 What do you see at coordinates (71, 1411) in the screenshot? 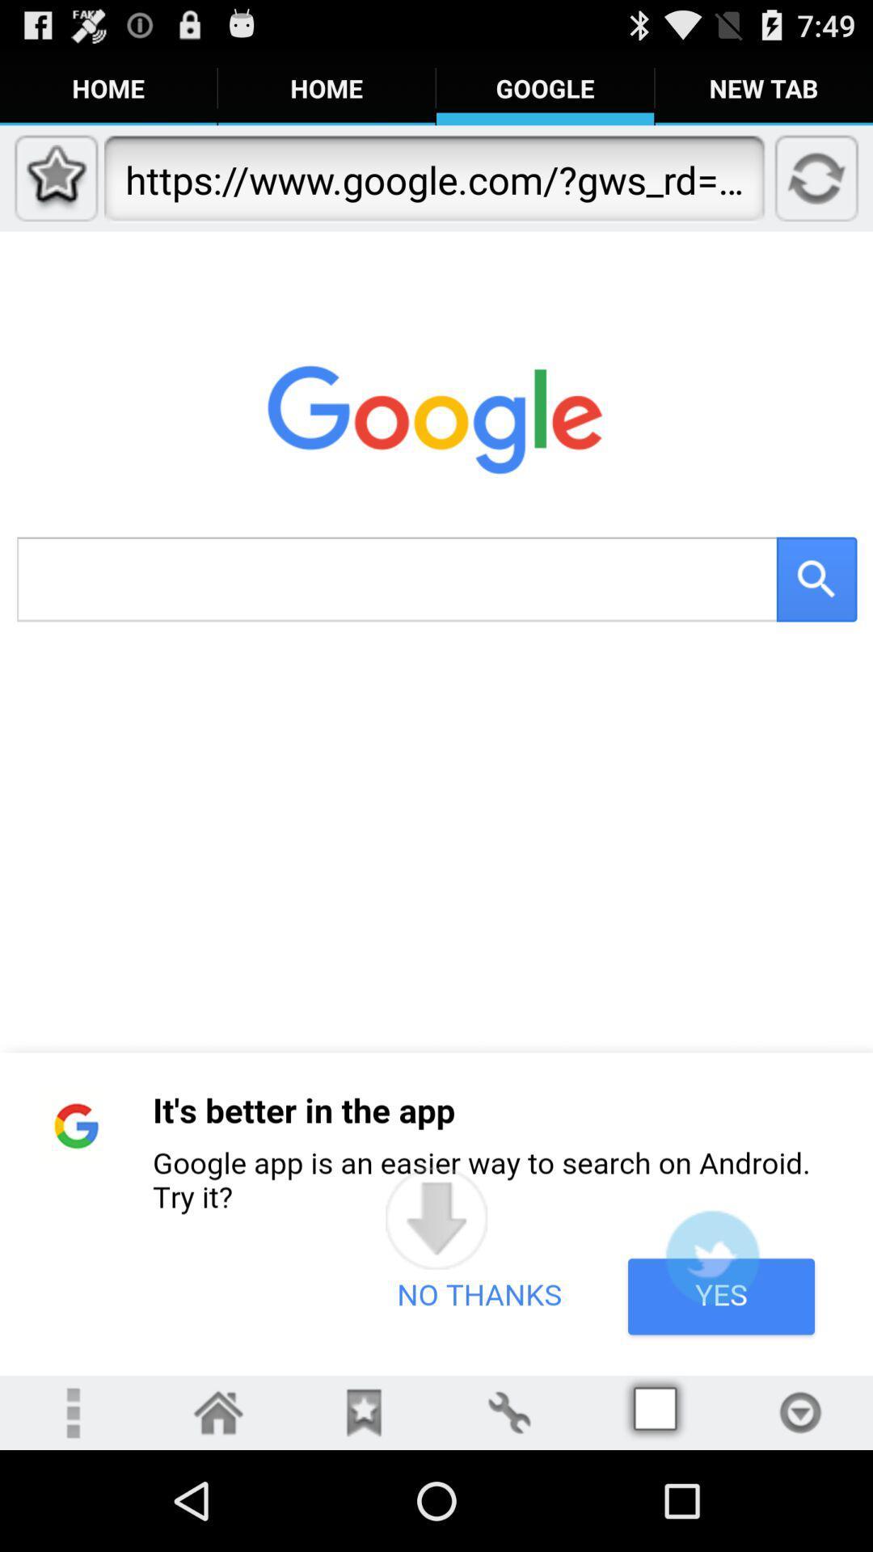
I see `overflow menu` at bounding box center [71, 1411].